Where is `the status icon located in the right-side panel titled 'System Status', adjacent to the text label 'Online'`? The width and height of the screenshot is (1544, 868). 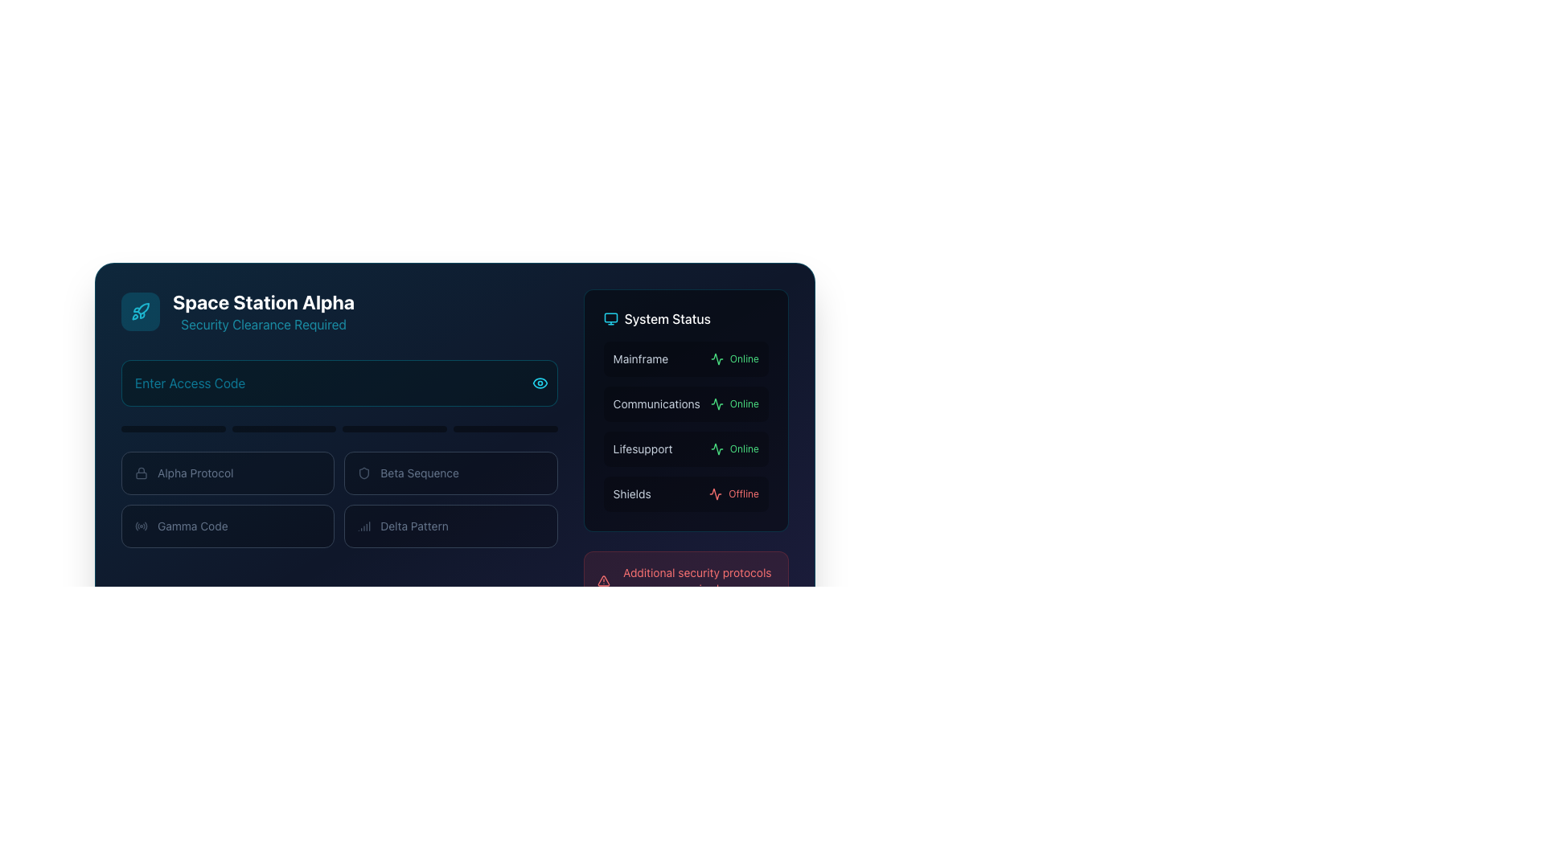 the status icon located in the right-side panel titled 'System Status', adjacent to the text label 'Online' is located at coordinates (716, 403).